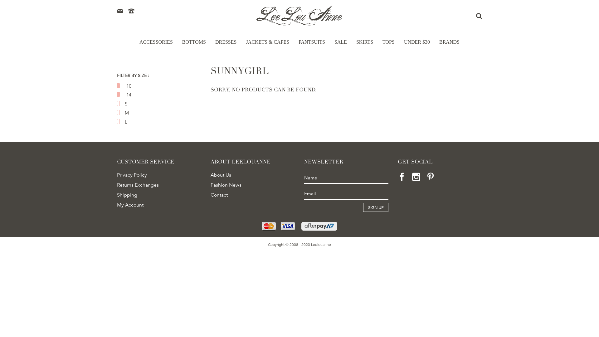 Image resolution: width=599 pixels, height=337 pixels. Describe the element at coordinates (211, 185) in the screenshot. I see `'Fashion News'` at that location.